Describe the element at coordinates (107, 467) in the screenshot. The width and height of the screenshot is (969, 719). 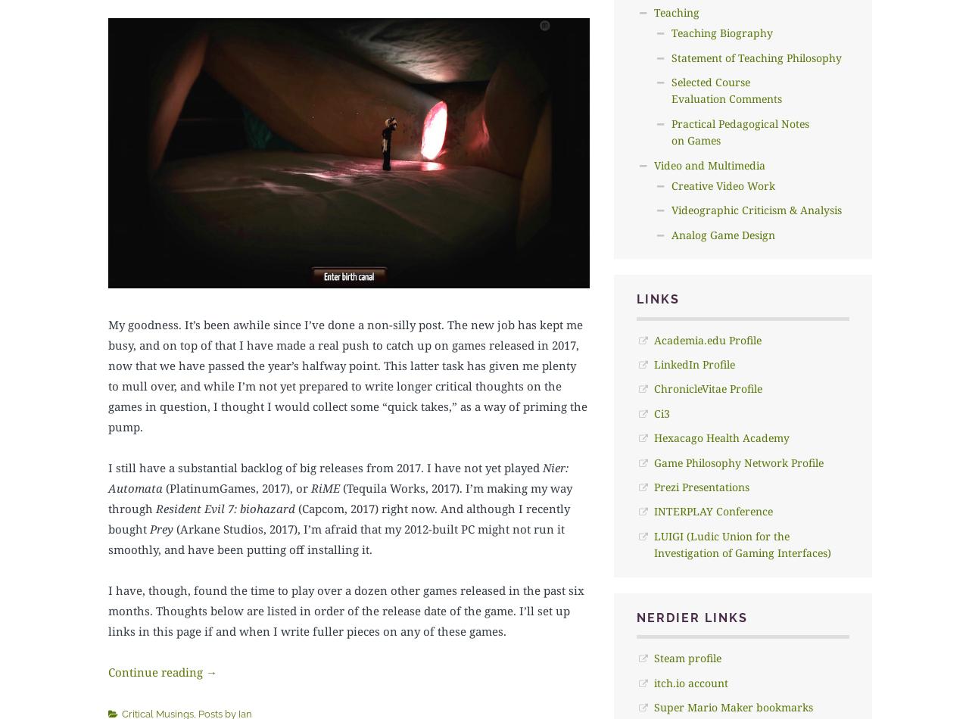
I see `'I still have a substantial backlog of big releases from 2017. I have not yet played'` at that location.